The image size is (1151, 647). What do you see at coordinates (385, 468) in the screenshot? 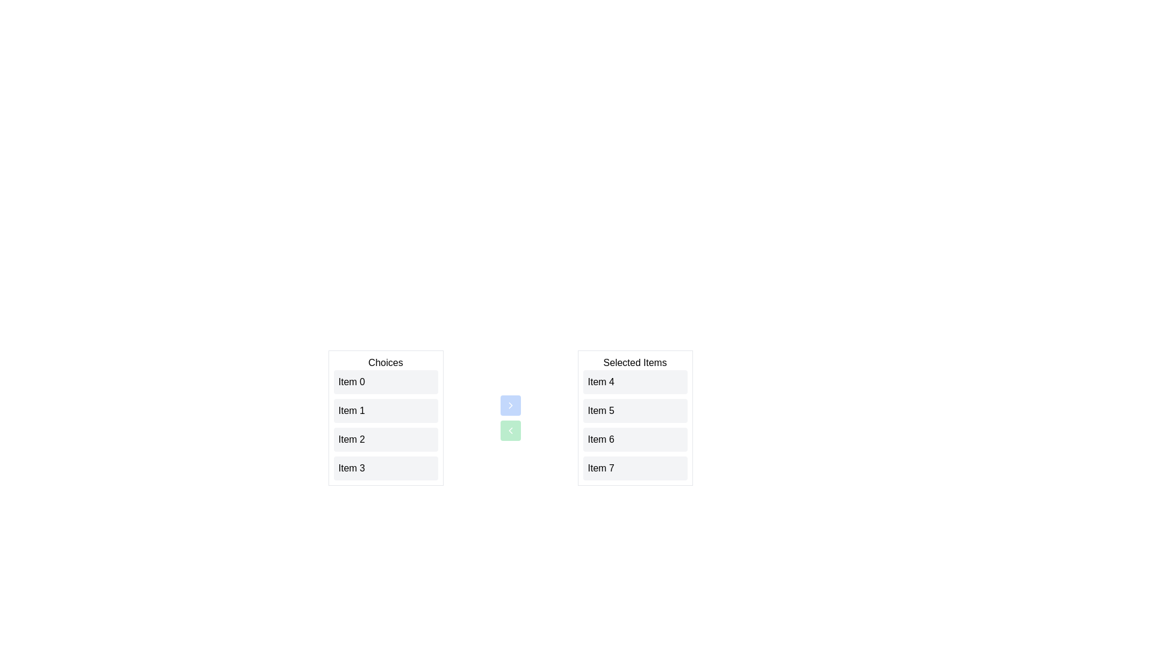
I see `the button labeled 'Item 3' with a light grey background, located at the bottom of the list under 'Choices', to trigger a tooltip or visual feedback` at bounding box center [385, 468].